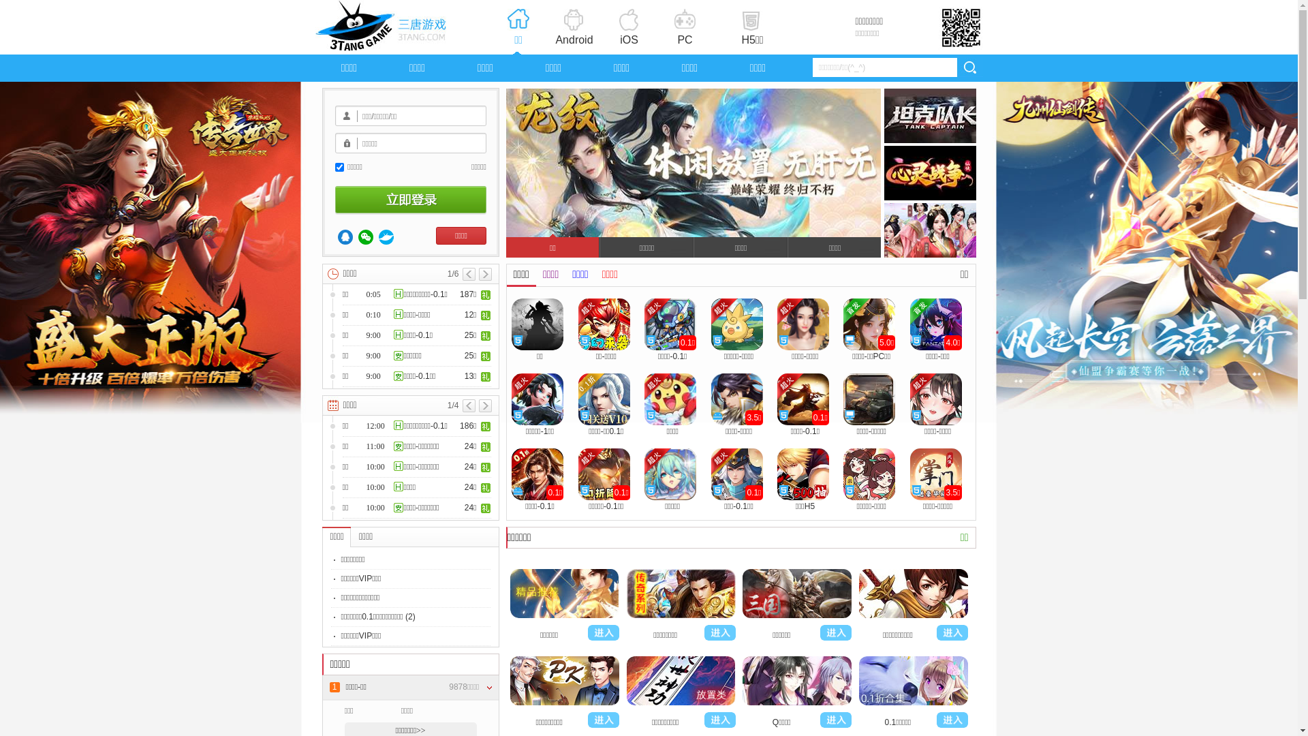  I want to click on 'Android', so click(574, 28).